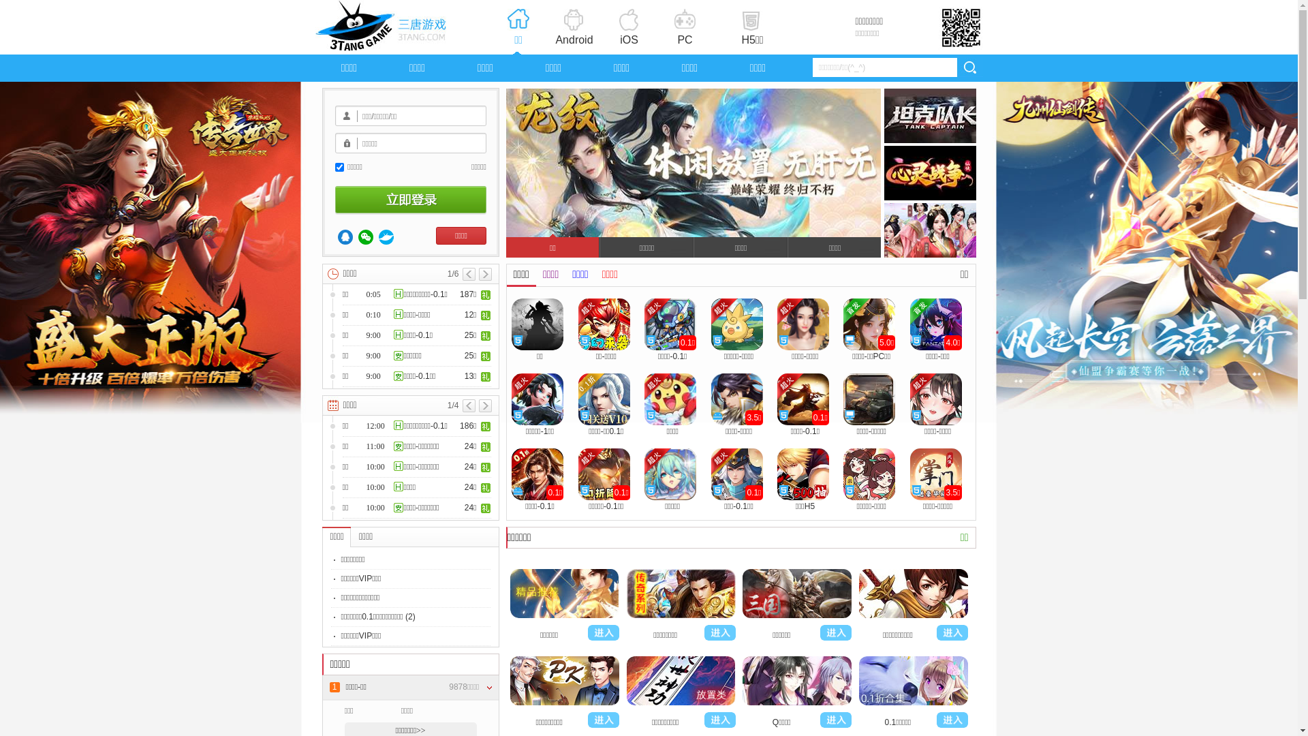  I want to click on 'Android', so click(574, 28).